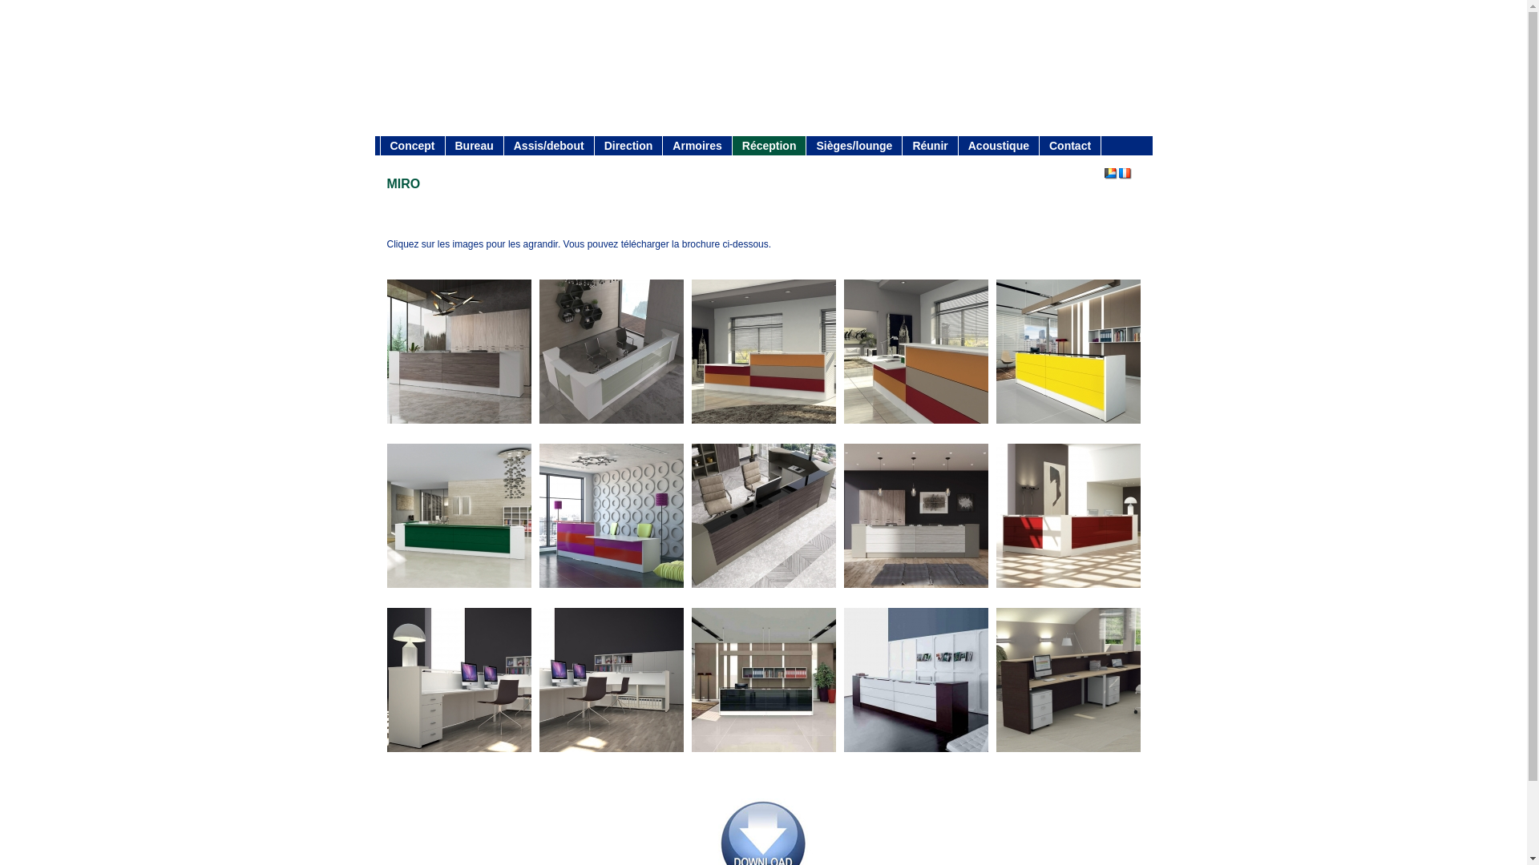 The image size is (1539, 865). I want to click on 'Nederlands', so click(1110, 173).